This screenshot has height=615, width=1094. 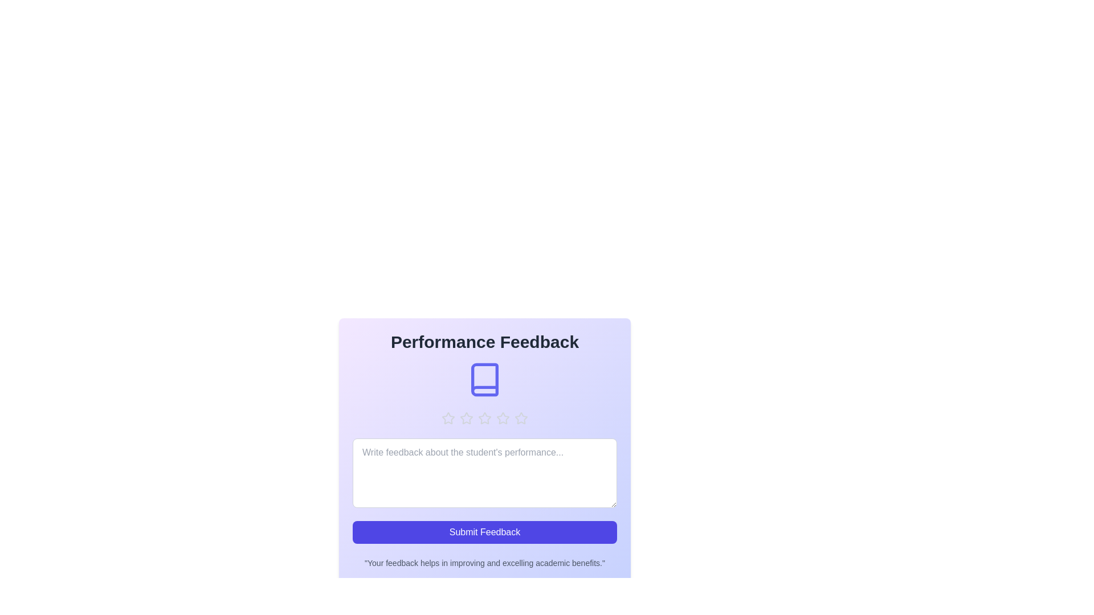 What do you see at coordinates (484, 419) in the screenshot?
I see `the star corresponding to 3 to set the rating` at bounding box center [484, 419].